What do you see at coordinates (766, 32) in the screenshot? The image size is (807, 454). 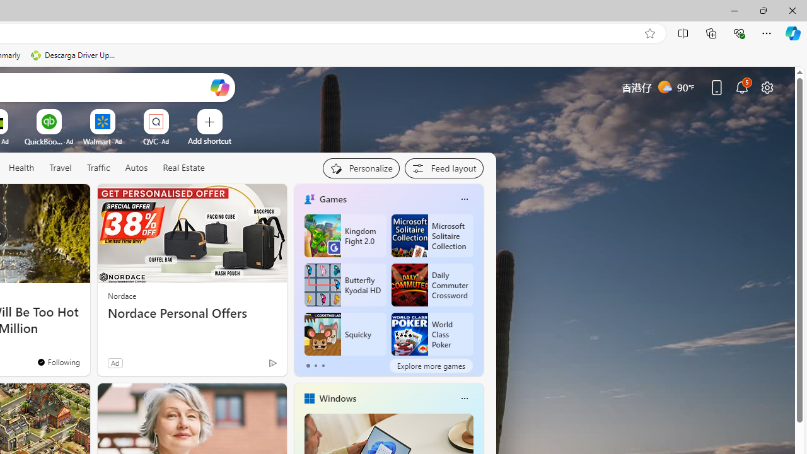 I see `'Settings and more (Alt+F)'` at bounding box center [766, 32].